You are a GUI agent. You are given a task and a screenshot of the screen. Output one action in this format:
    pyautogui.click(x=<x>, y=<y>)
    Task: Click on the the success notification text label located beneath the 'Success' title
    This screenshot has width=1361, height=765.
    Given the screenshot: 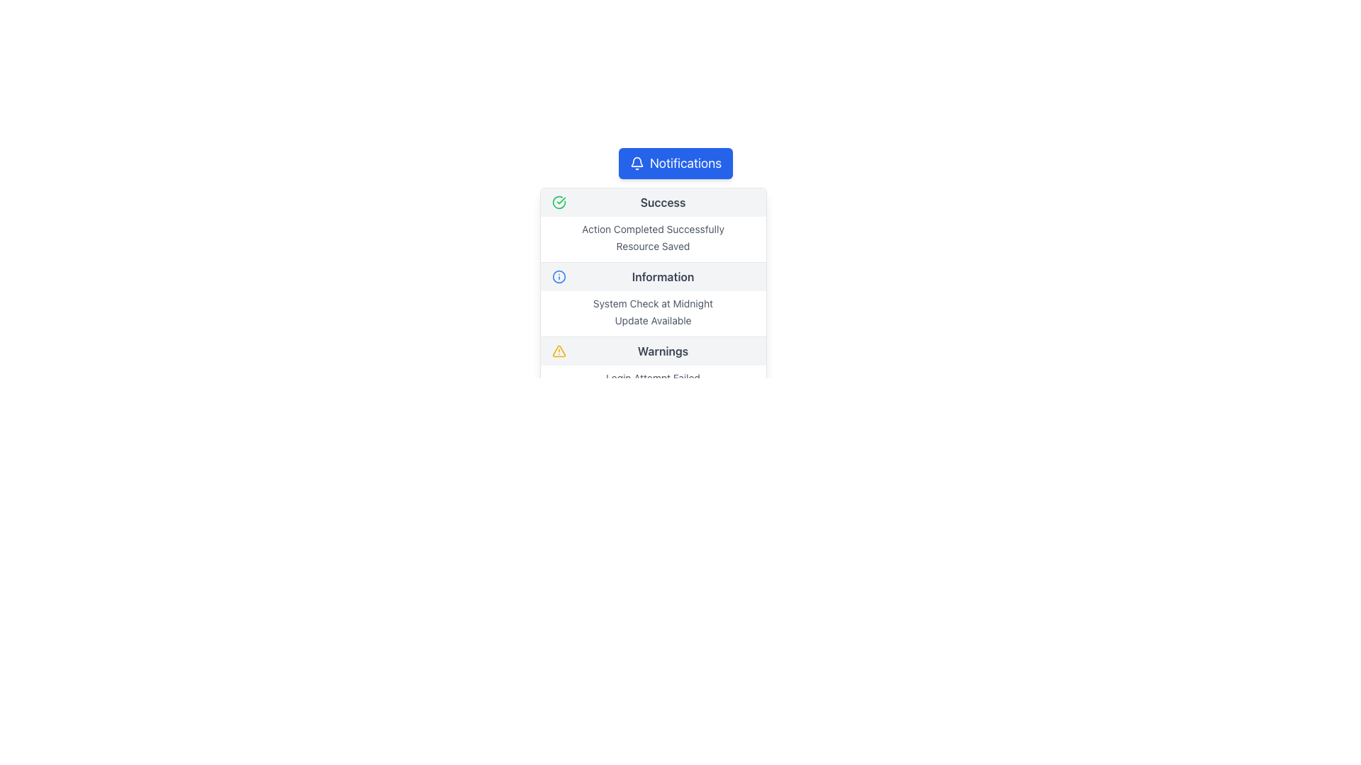 What is the action you would take?
    pyautogui.click(x=652, y=229)
    